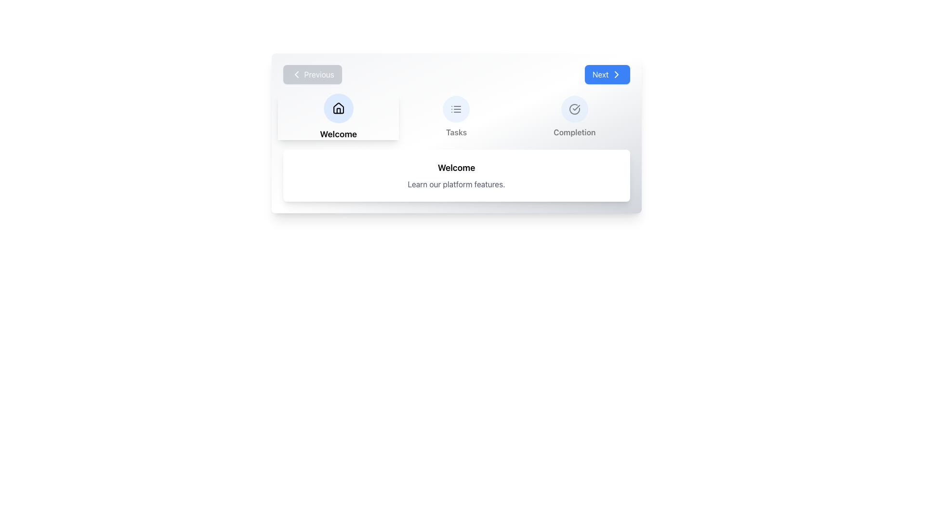  Describe the element at coordinates (616, 74) in the screenshot. I see `the arrow icon positioned at the rightmost part of the blue 'Next' button to focus or highlight it` at that location.